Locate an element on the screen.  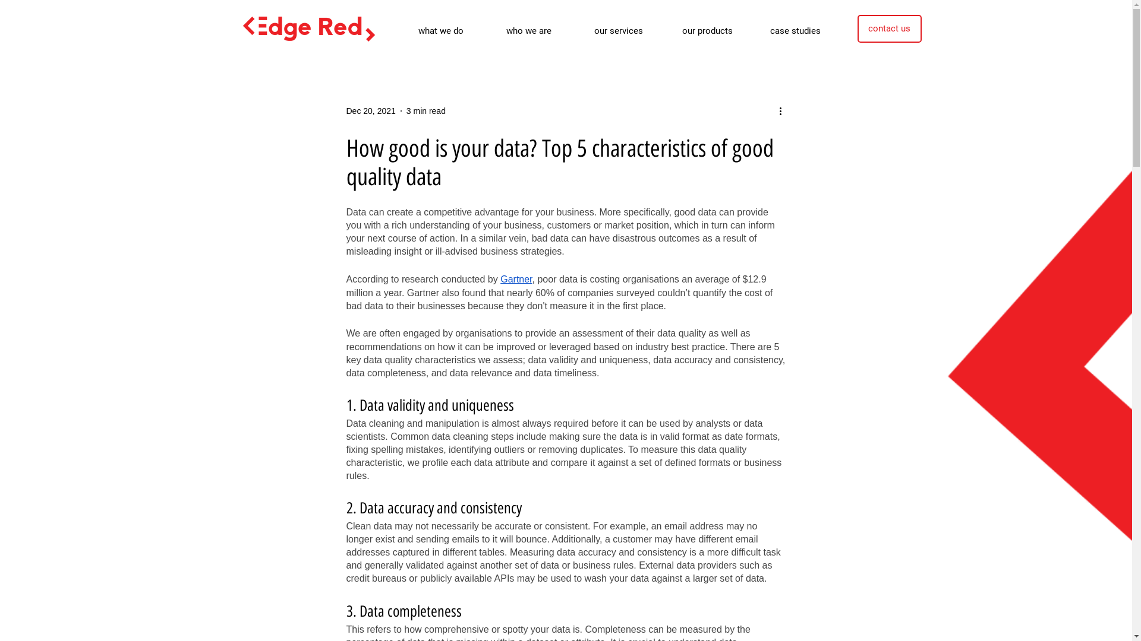
'case studies' is located at coordinates (804, 30).